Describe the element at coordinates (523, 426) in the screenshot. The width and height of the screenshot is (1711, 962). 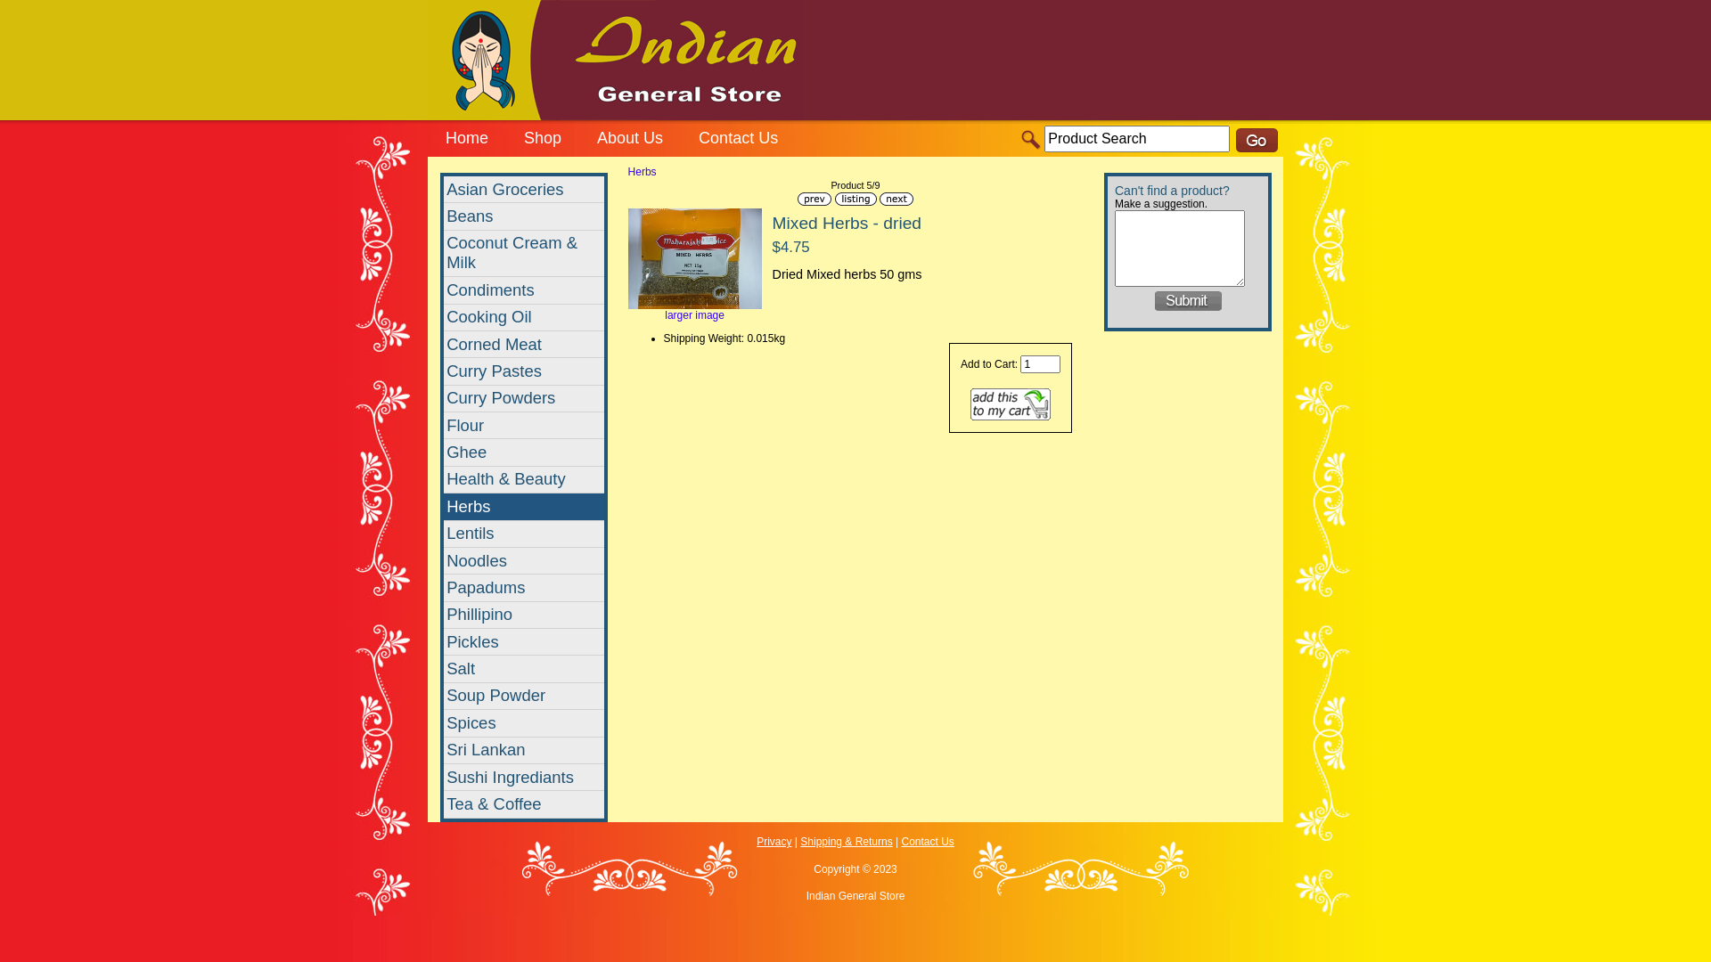
I see `'Flour'` at that location.